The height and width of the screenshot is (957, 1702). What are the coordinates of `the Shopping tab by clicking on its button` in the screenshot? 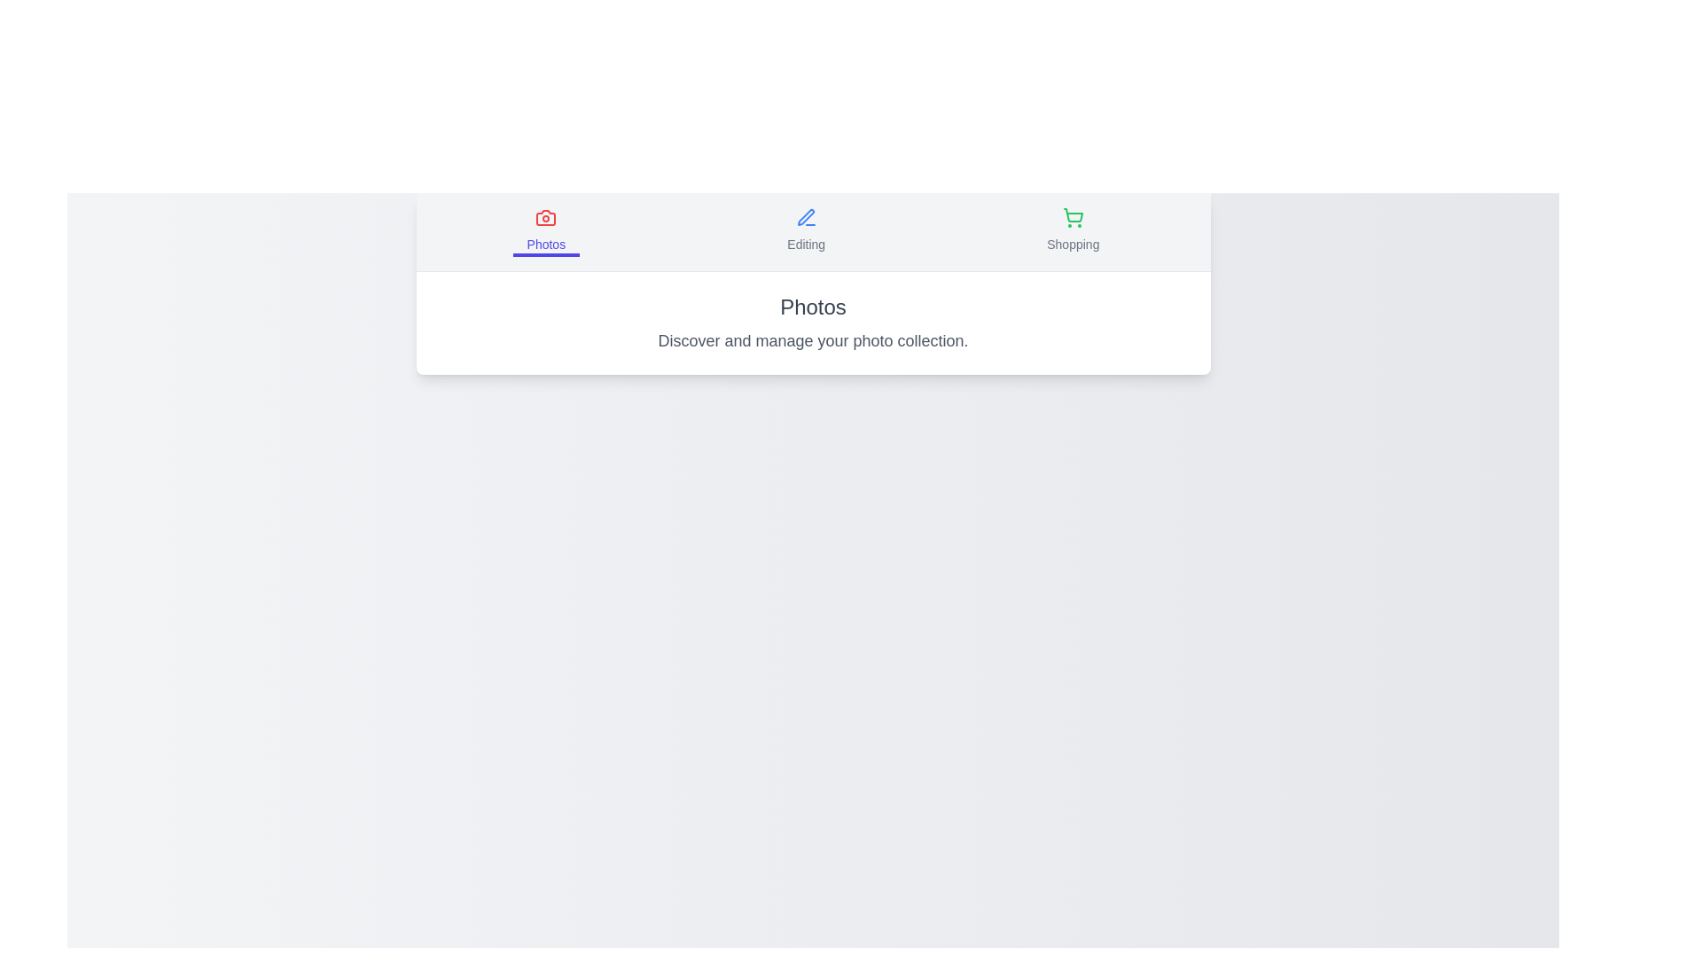 It's located at (1072, 231).